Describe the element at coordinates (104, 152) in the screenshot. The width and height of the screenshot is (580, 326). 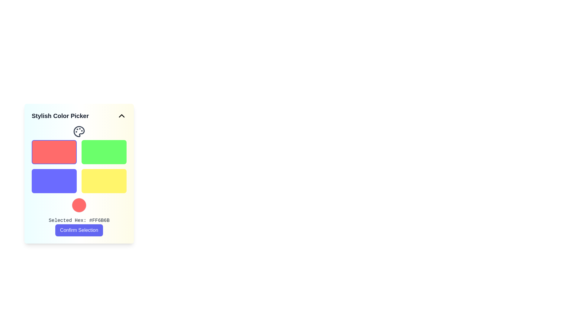
I see `the vibrant green button located in the top-right quadrant of the 2x2 grid layout` at that location.